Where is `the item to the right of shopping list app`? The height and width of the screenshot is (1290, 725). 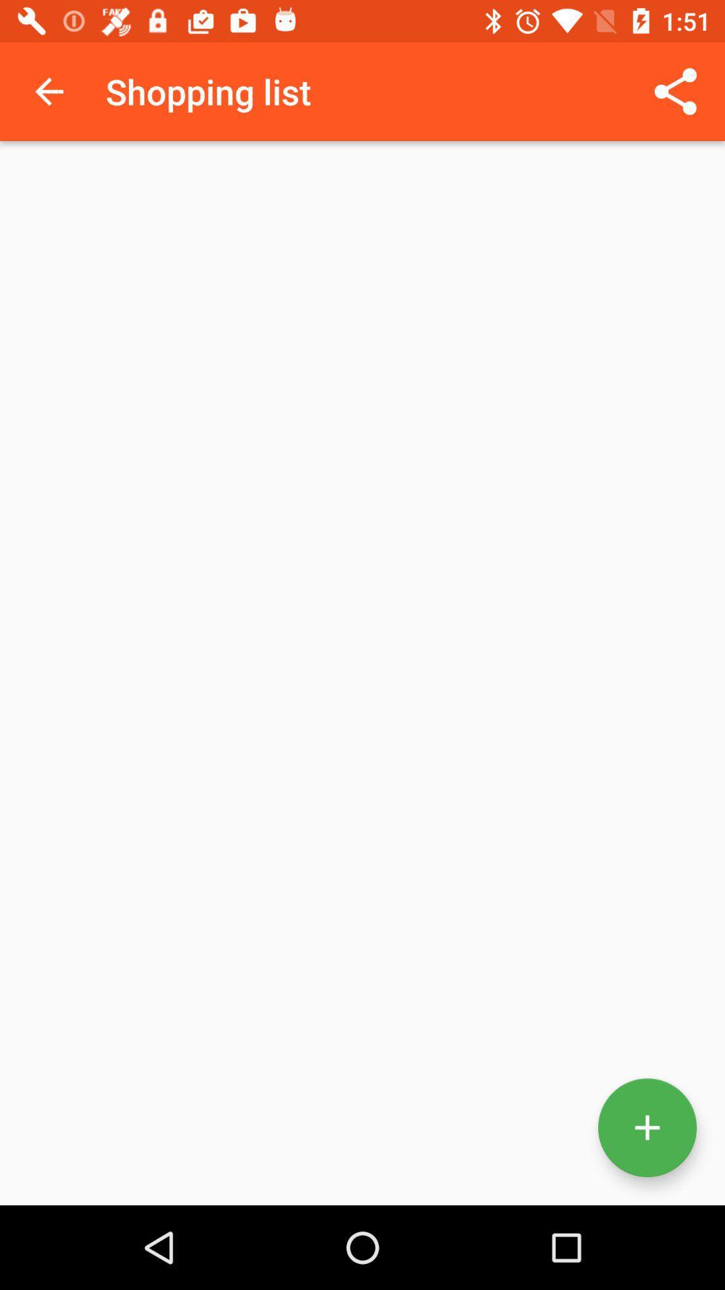
the item to the right of shopping list app is located at coordinates (675, 91).